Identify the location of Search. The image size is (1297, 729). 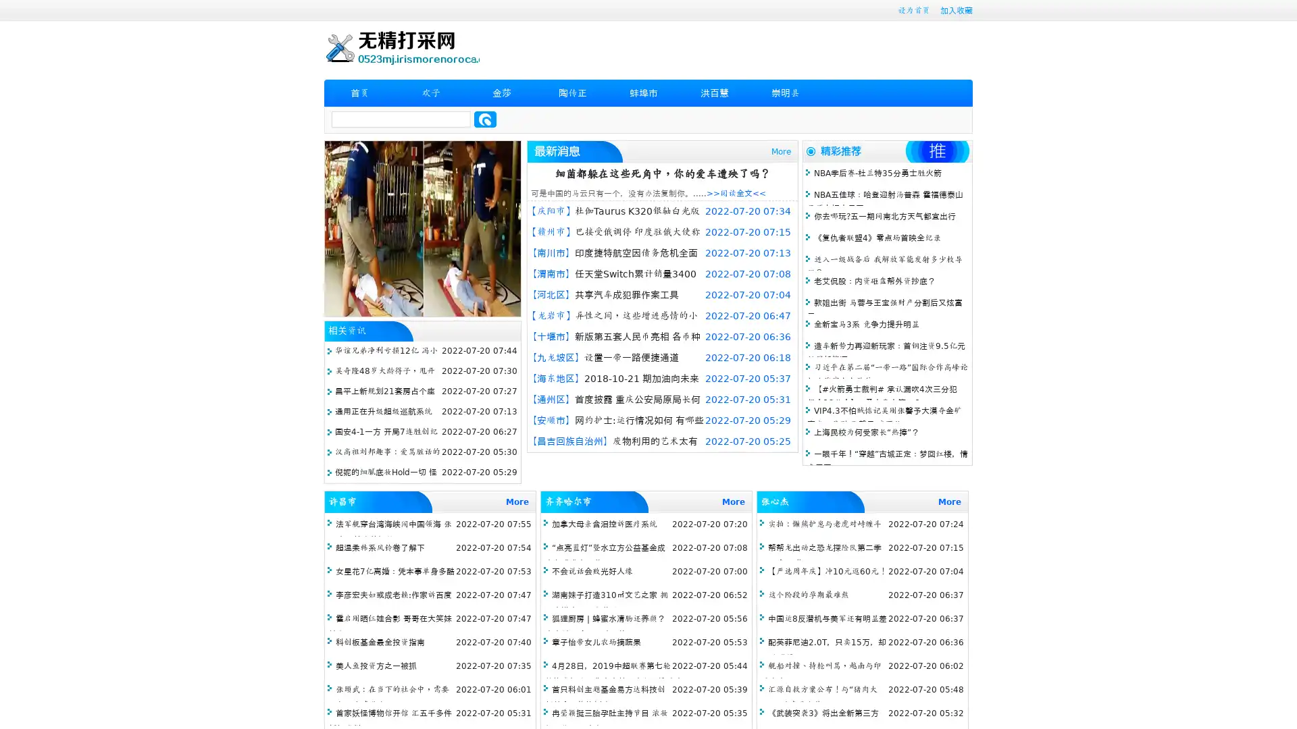
(485, 119).